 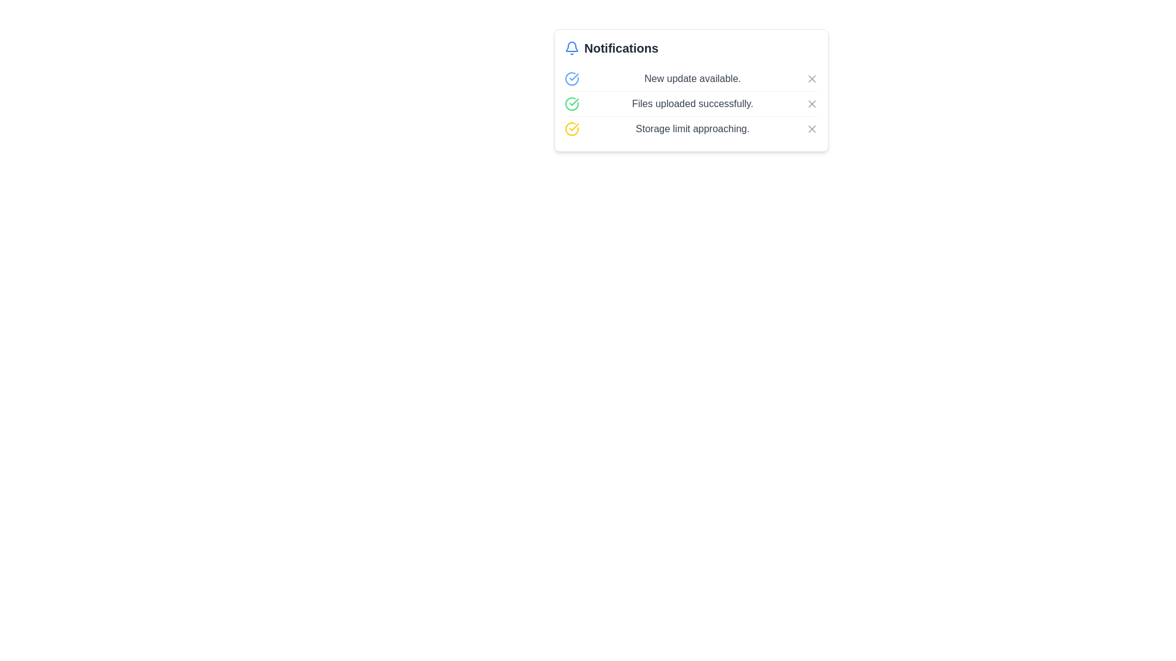 I want to click on the close button on the notification reading 'Storage limit approaching.', so click(x=812, y=129).